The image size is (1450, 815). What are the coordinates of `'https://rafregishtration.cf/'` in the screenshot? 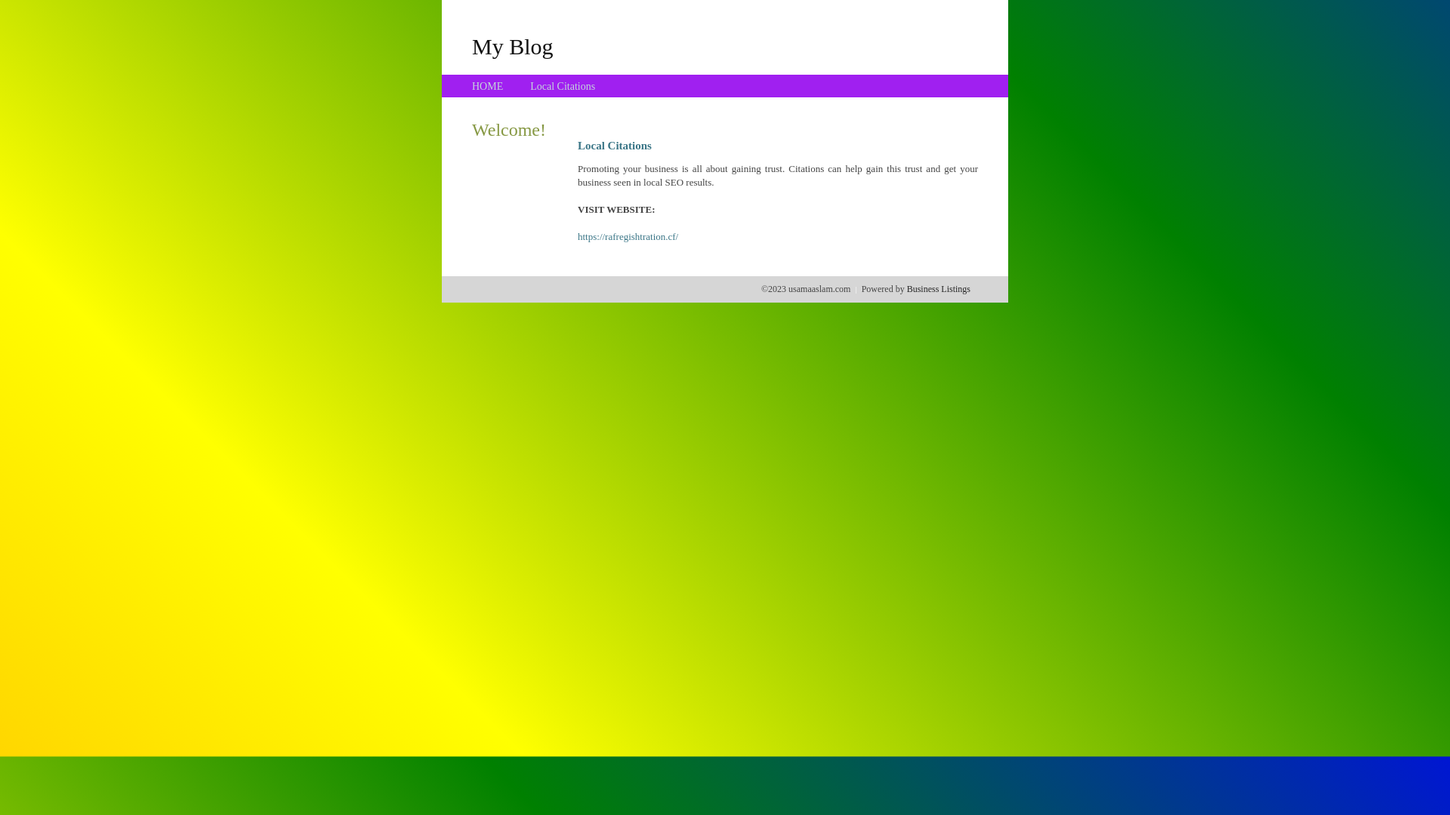 It's located at (628, 236).